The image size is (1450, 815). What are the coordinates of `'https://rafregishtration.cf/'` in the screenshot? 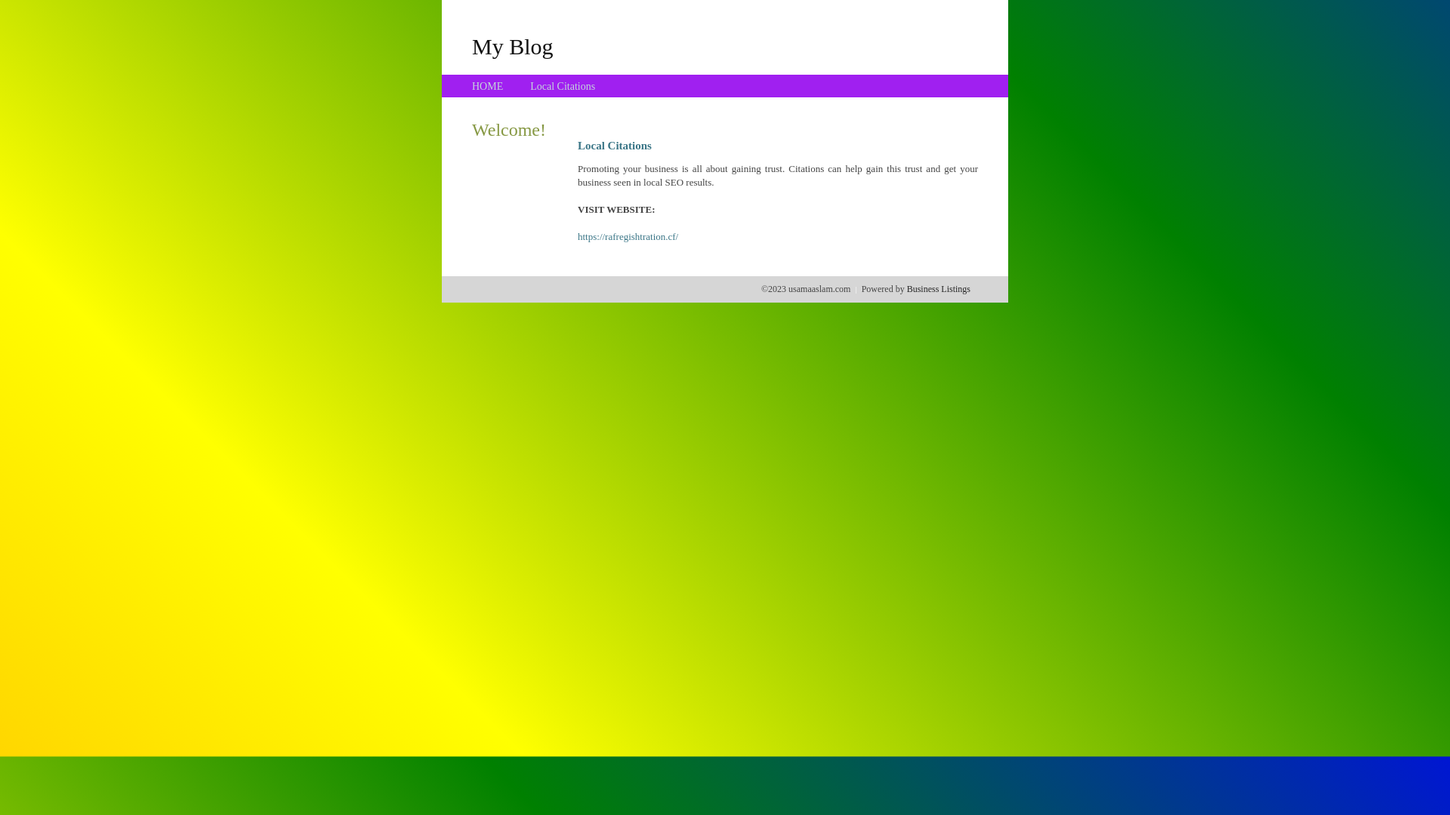 It's located at (628, 236).